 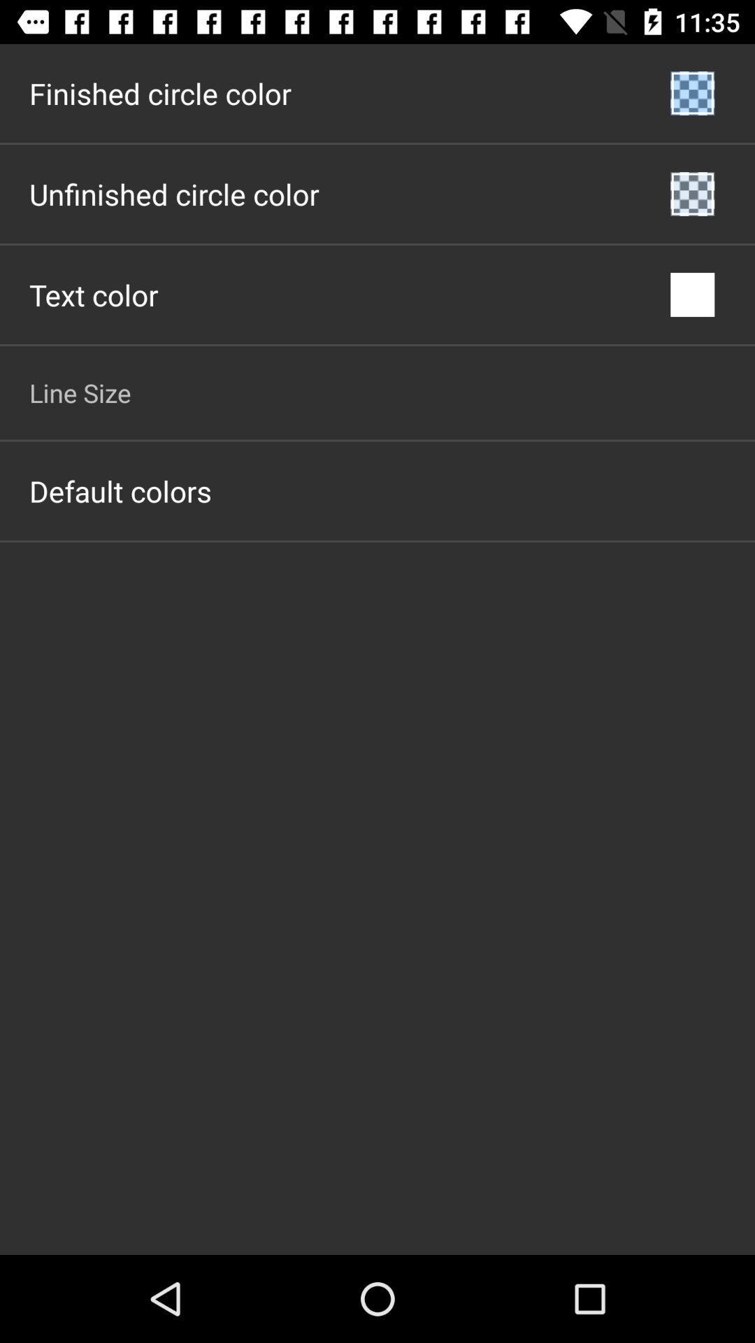 I want to click on app below text color icon, so click(x=80, y=392).